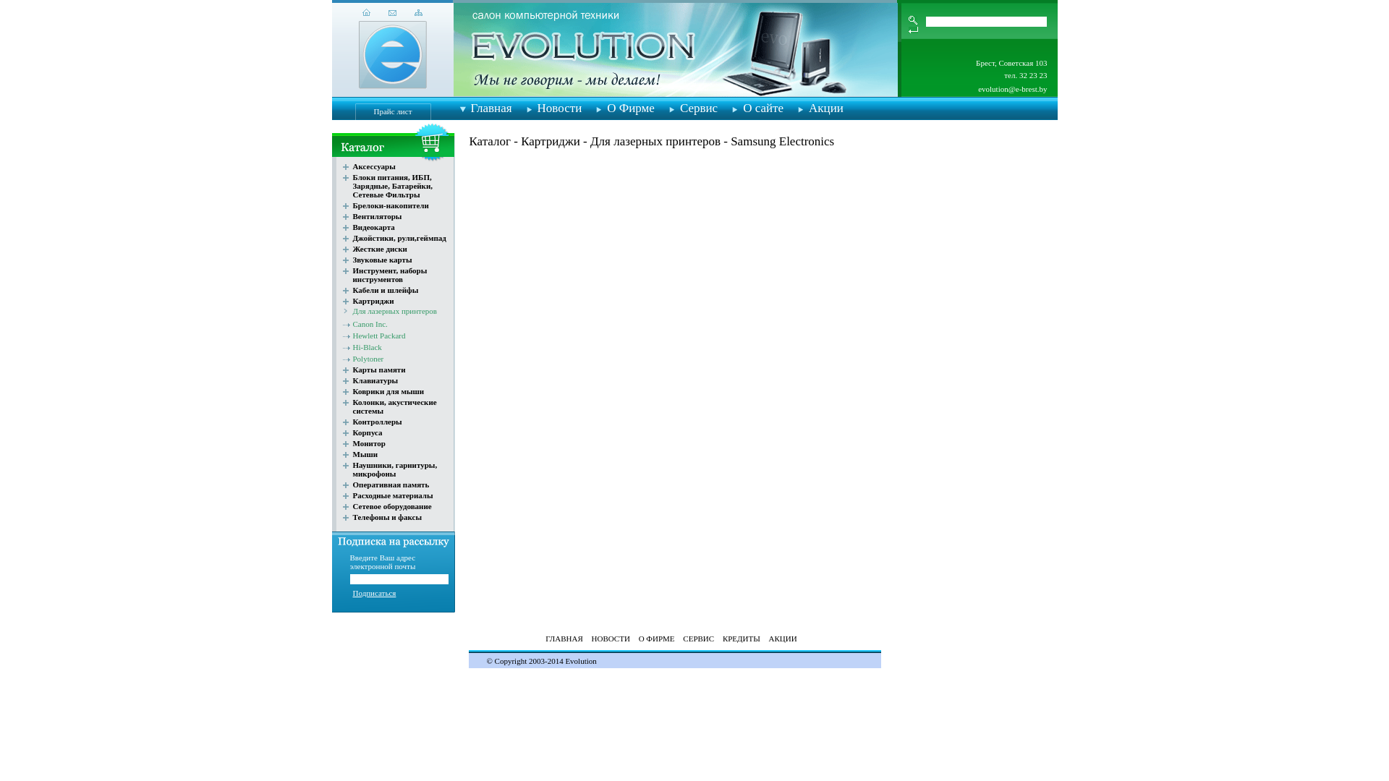 The width and height of the screenshot is (1389, 781). What do you see at coordinates (368, 346) in the screenshot?
I see `'Hi-Black'` at bounding box center [368, 346].